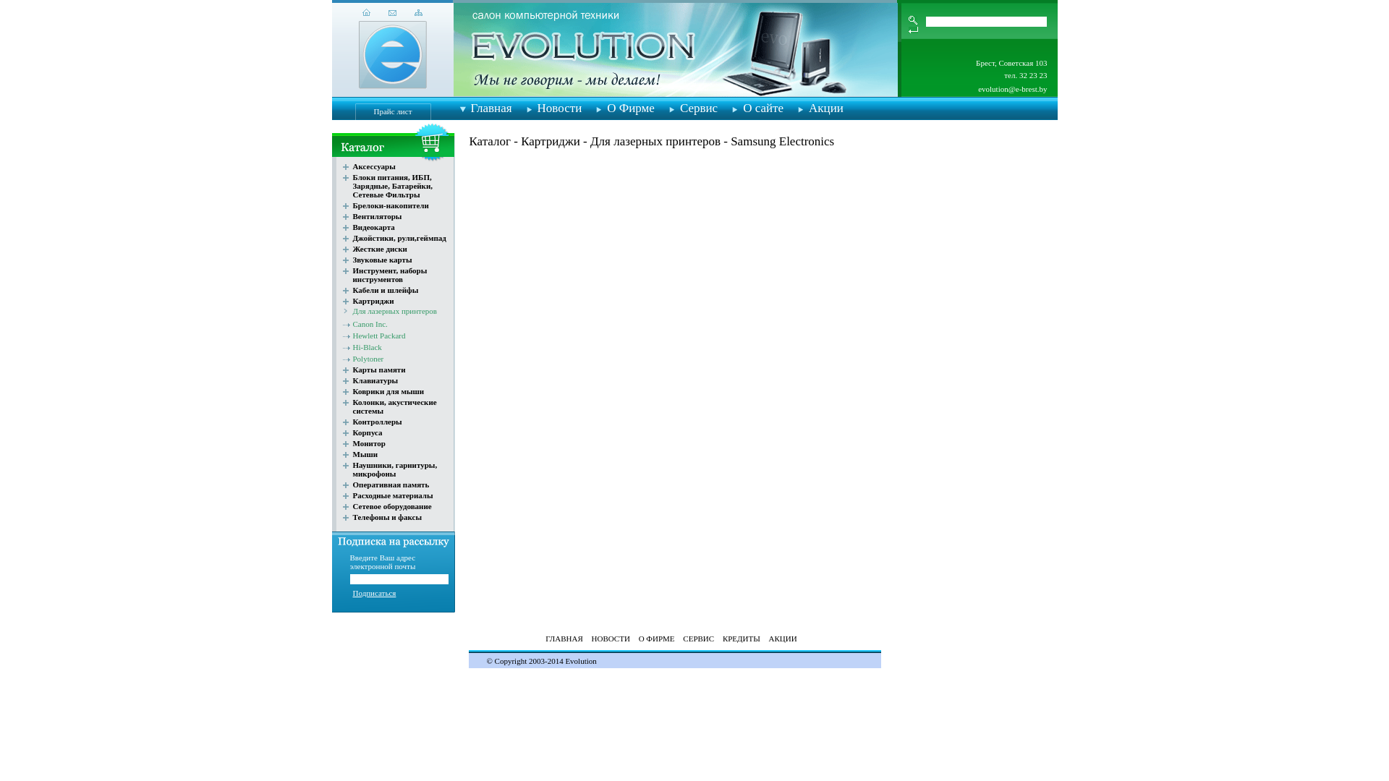 The width and height of the screenshot is (1389, 781). What do you see at coordinates (368, 346) in the screenshot?
I see `'Hi-Black'` at bounding box center [368, 346].